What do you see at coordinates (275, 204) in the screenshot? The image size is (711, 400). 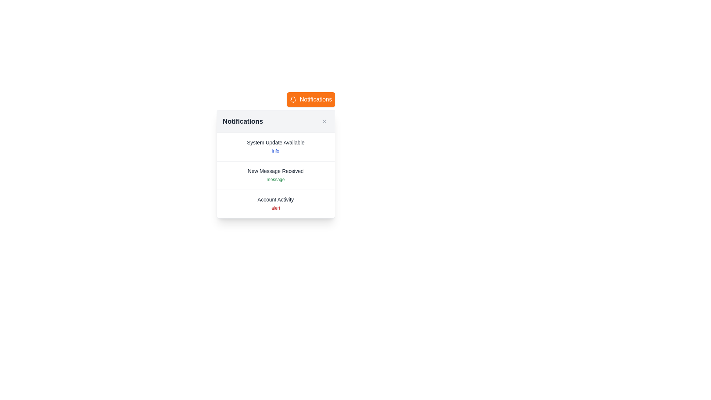 I see `the third notification entry titled 'Account Activity' which has a second line 'alert' in red color` at bounding box center [275, 204].